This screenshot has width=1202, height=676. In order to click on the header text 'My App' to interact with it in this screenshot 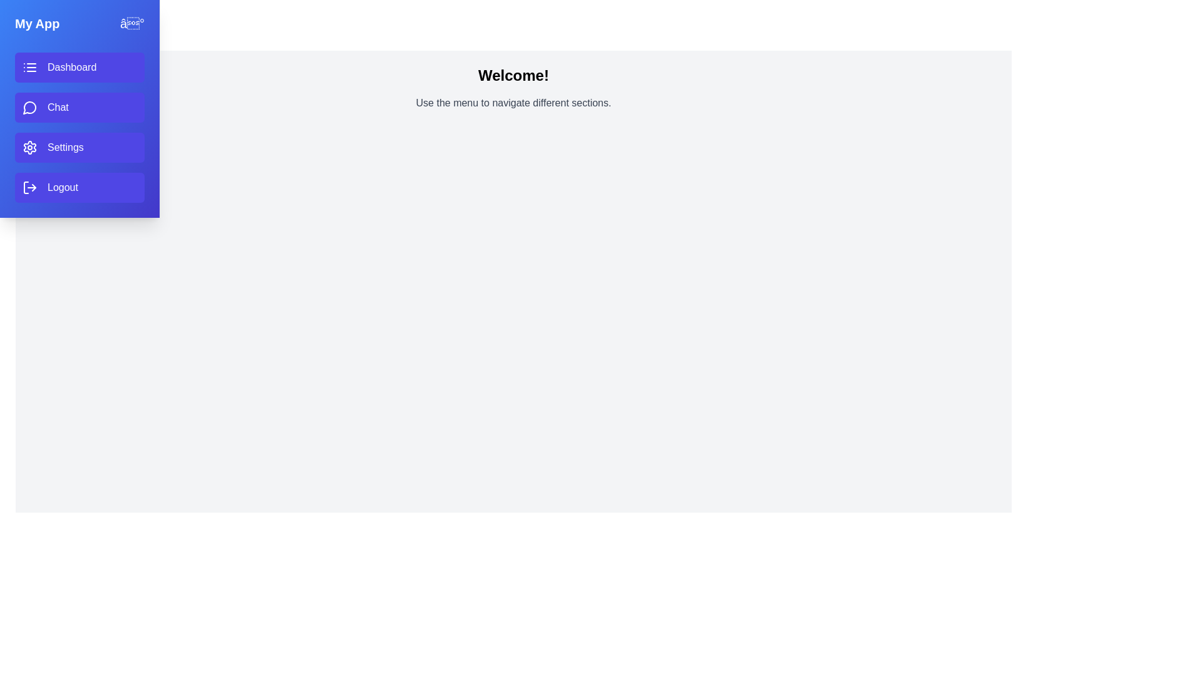, I will do `click(37, 24)`.